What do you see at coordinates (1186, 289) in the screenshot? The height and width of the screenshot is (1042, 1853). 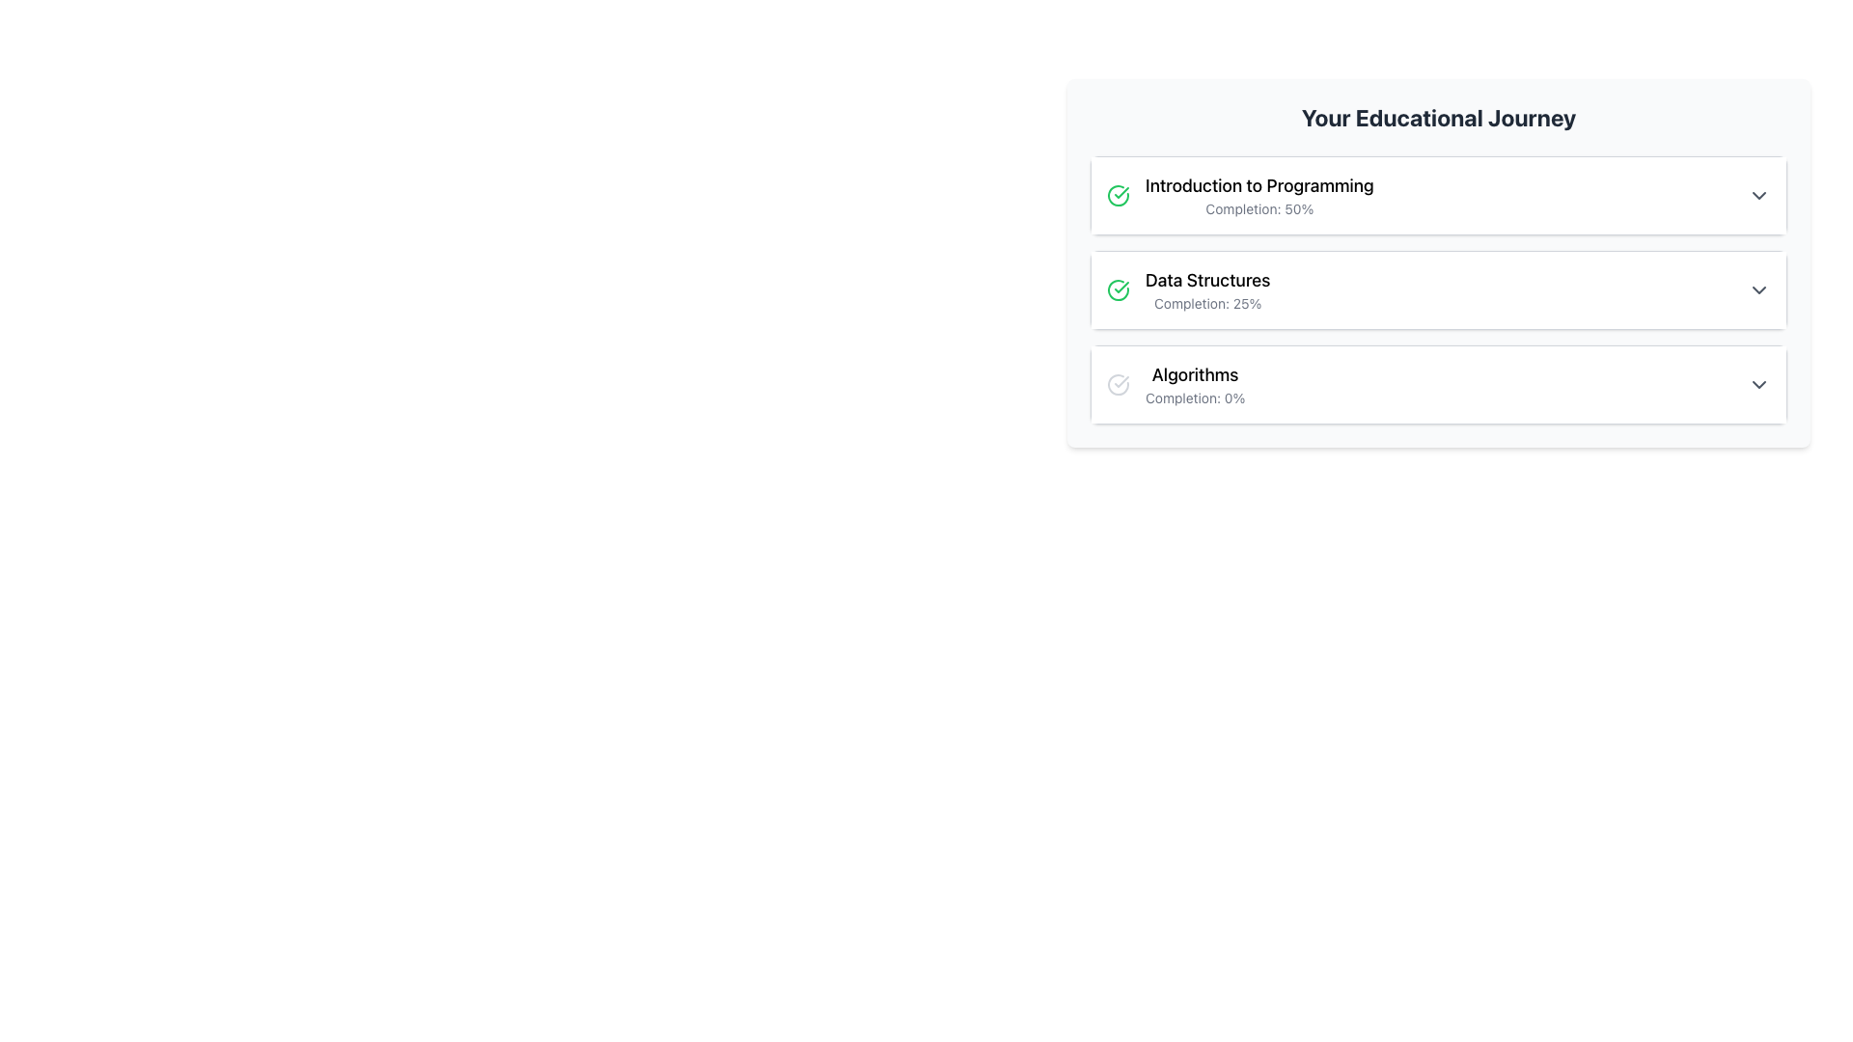 I see `the 'Data Structures' course module item, which includes the text label, progress indicator, and green checkmark icon` at bounding box center [1186, 289].